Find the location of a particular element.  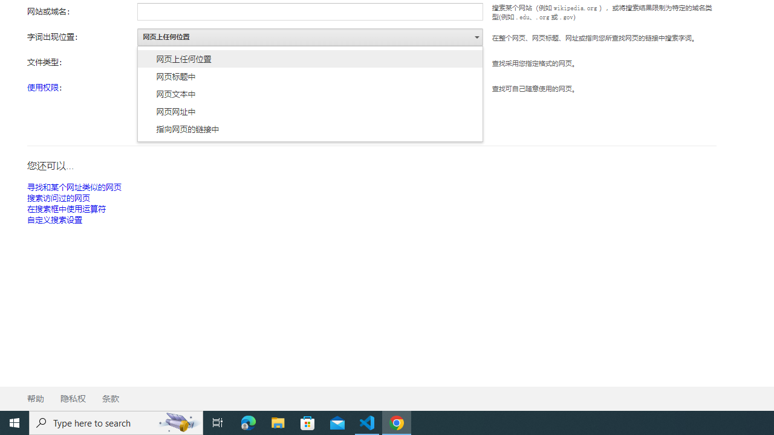

'AutomationID: as_occt_menu' is located at coordinates (310, 93).